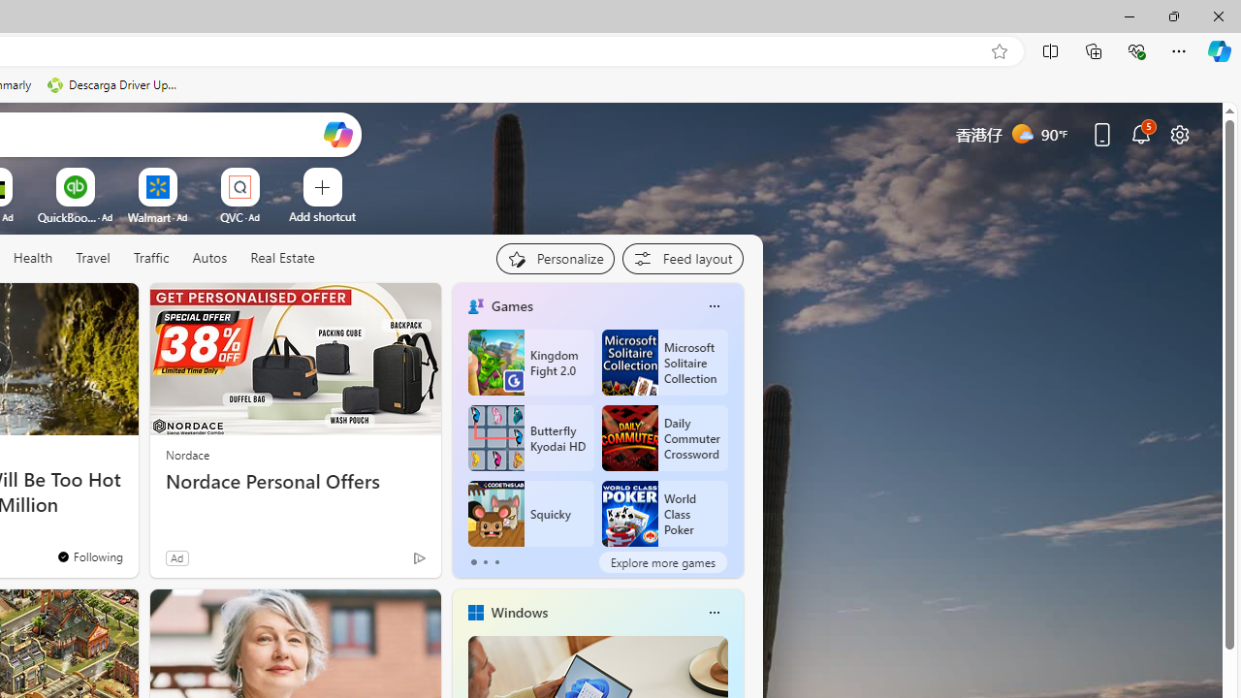  What do you see at coordinates (554, 258) in the screenshot?
I see `'Personalize your feed"'` at bounding box center [554, 258].